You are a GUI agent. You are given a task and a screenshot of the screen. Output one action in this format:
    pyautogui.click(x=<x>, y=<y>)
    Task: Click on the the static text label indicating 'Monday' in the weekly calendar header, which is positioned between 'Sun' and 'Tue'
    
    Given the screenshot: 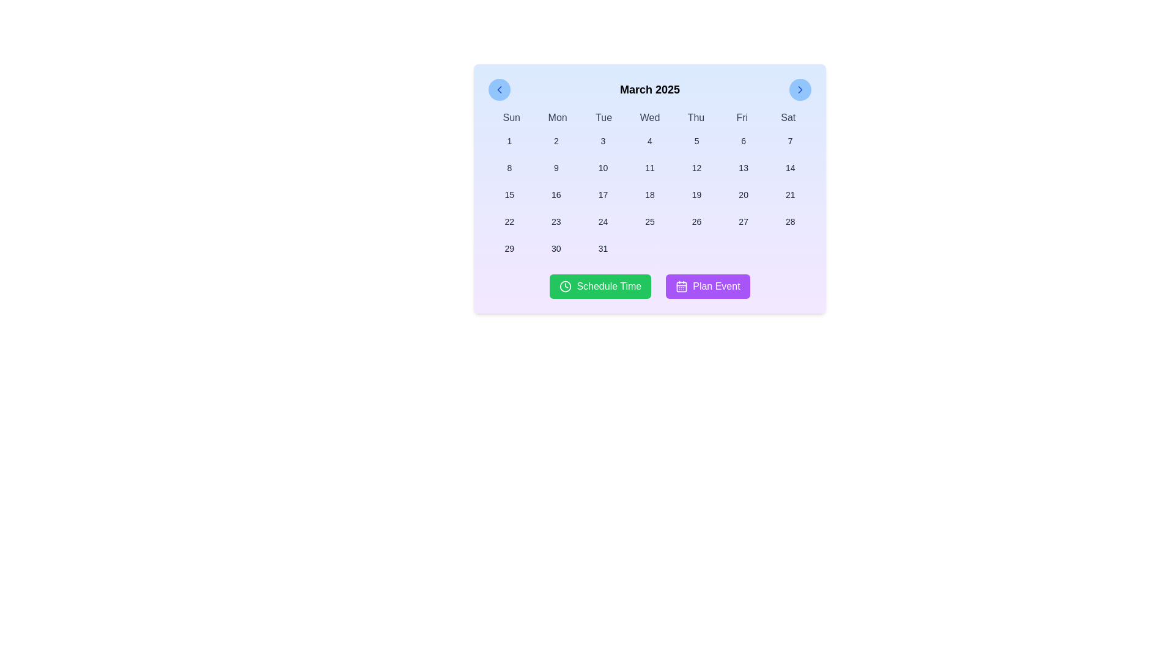 What is the action you would take?
    pyautogui.click(x=557, y=117)
    